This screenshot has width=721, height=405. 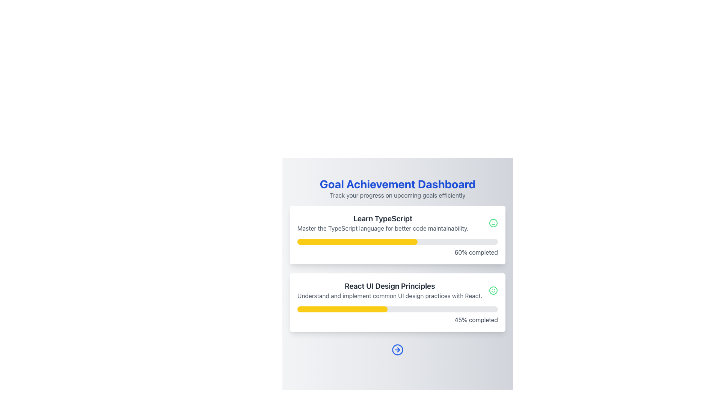 I want to click on the color and width of the filled portion of the Progress Bar located in the 'Learn TypeScript' card, positioned below the title and above the '60% completed' text, so click(x=397, y=241).